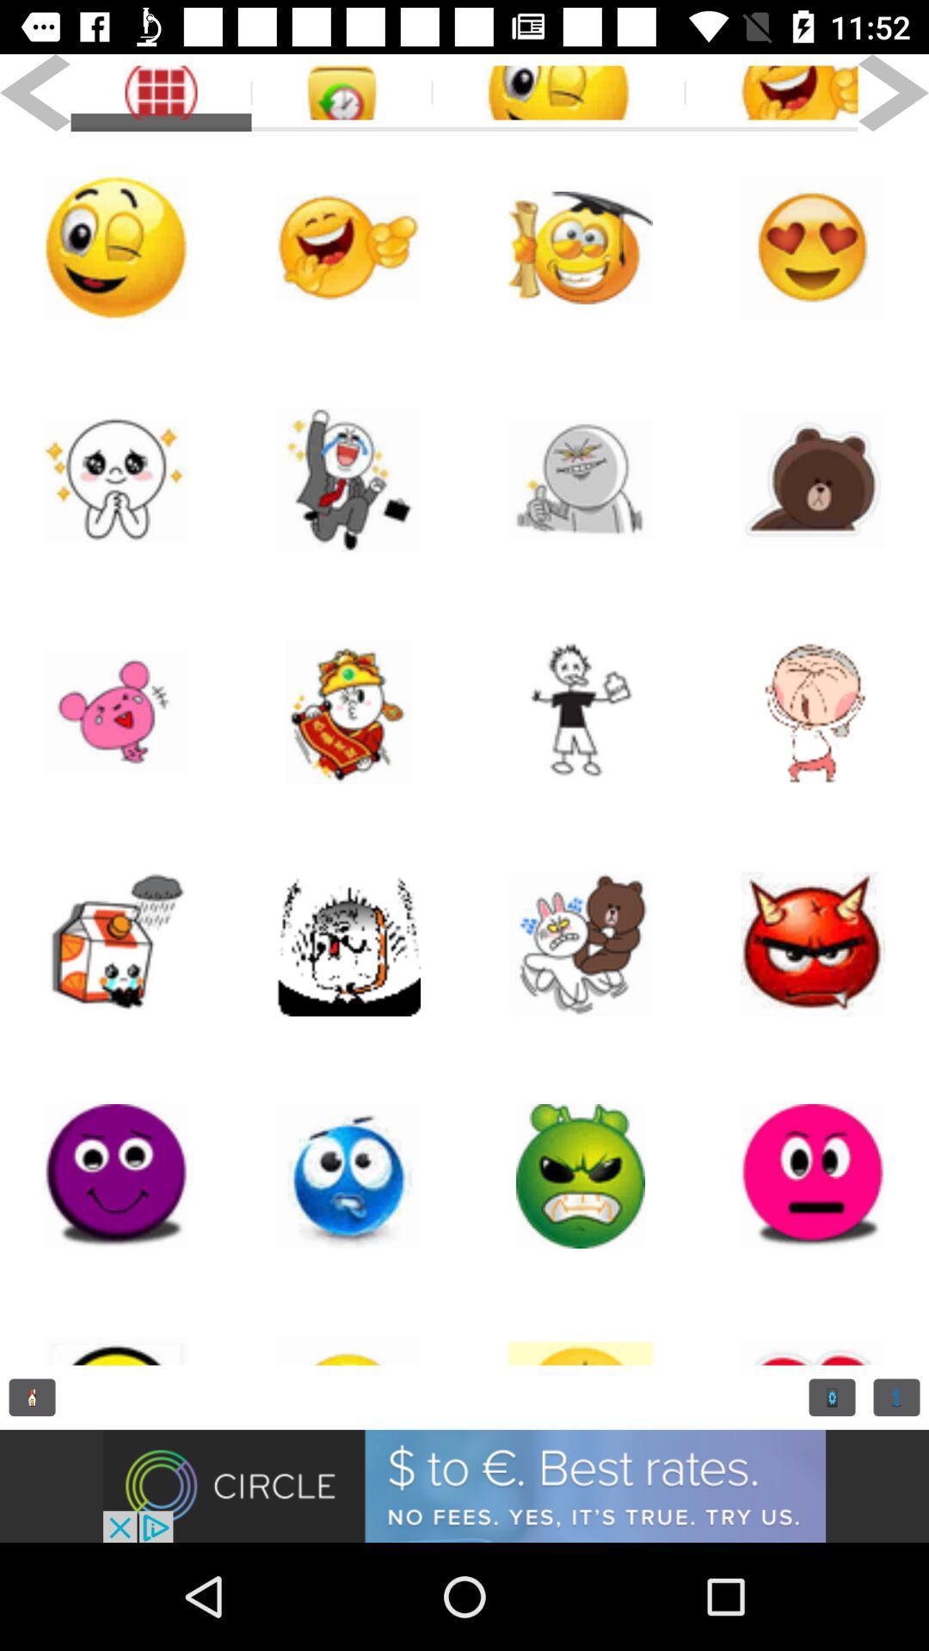 The height and width of the screenshot is (1651, 929). What do you see at coordinates (895, 1397) in the screenshot?
I see `reading option` at bounding box center [895, 1397].